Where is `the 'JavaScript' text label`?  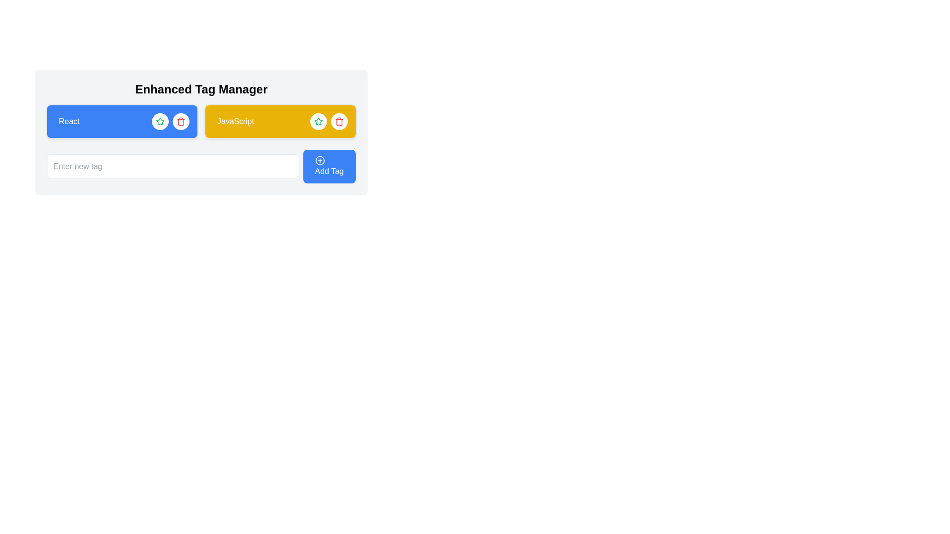 the 'JavaScript' text label is located at coordinates (235, 121).